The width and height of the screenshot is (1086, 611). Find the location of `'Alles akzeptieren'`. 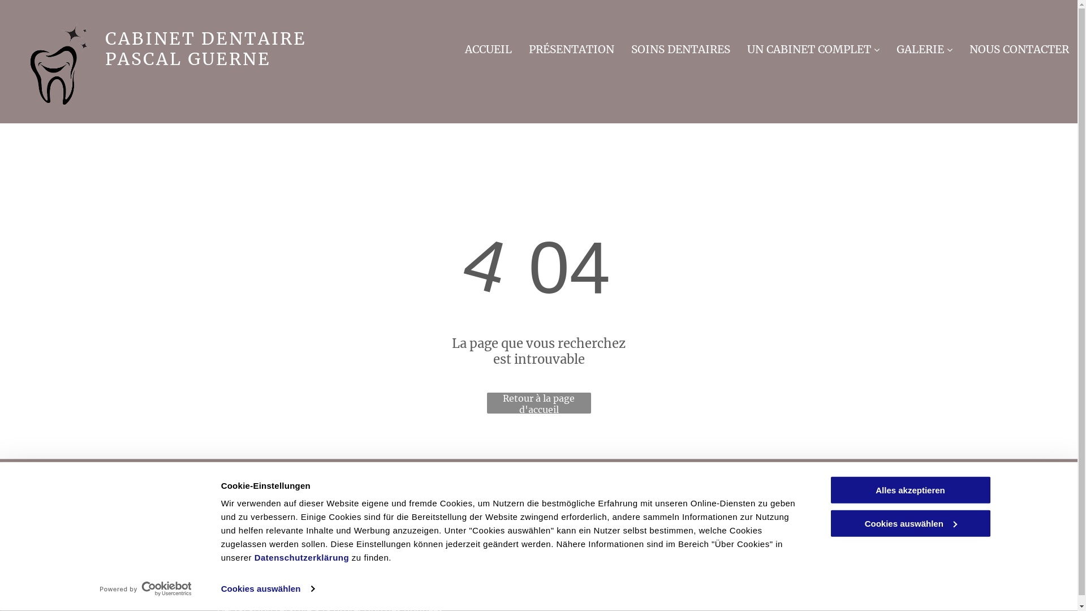

'Alles akzeptieren' is located at coordinates (910, 489).